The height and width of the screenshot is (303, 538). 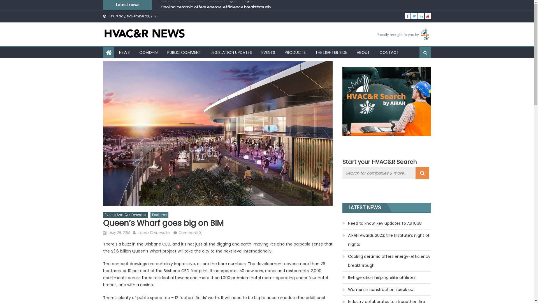 I want to click on 'ABOUT', so click(x=363, y=52).